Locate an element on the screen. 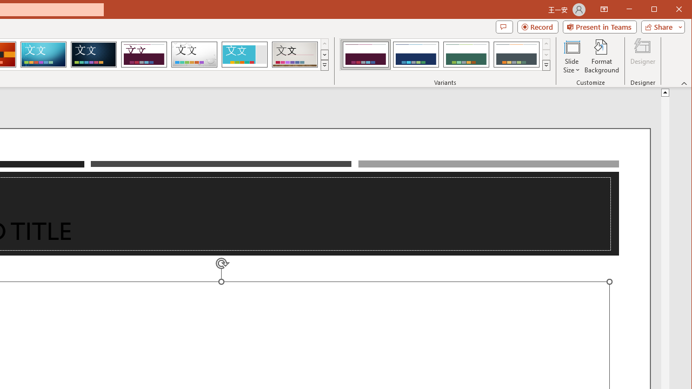  'Dividend Variant 3' is located at coordinates (466, 54).